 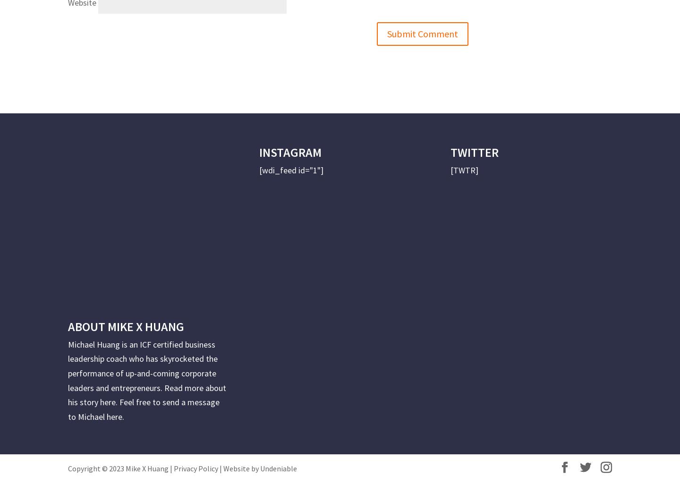 What do you see at coordinates (147, 468) in the screenshot?
I see `'Mike X Huang'` at bounding box center [147, 468].